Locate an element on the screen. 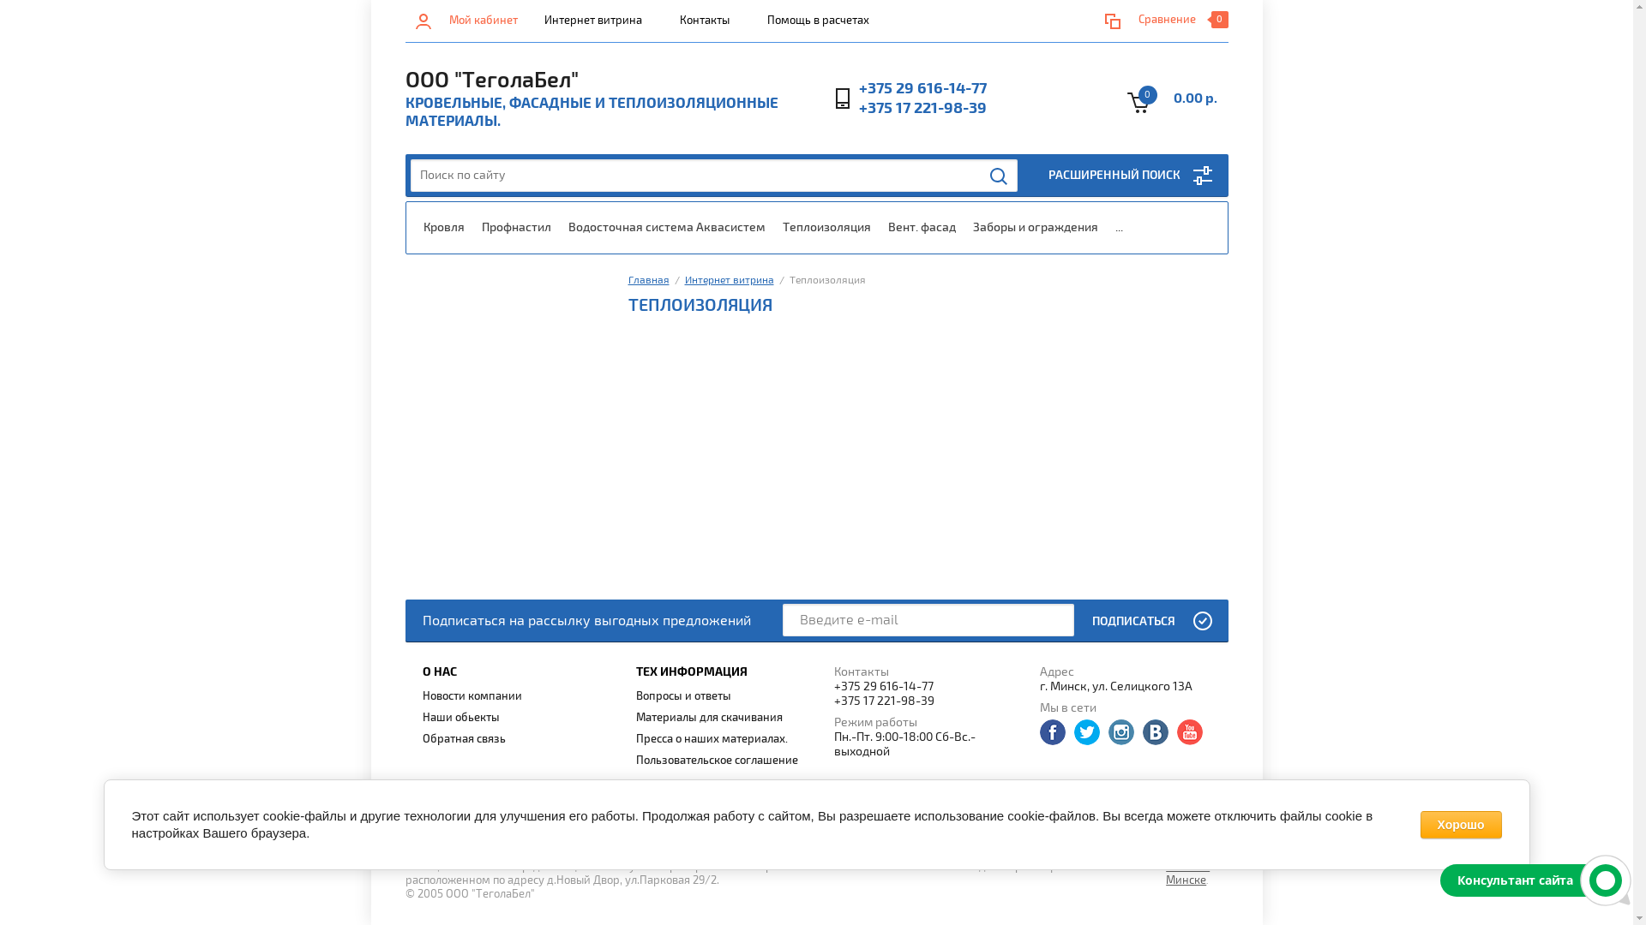 Image resolution: width=1646 pixels, height=925 pixels. '+375 17 221-98-39' is located at coordinates (832, 701).